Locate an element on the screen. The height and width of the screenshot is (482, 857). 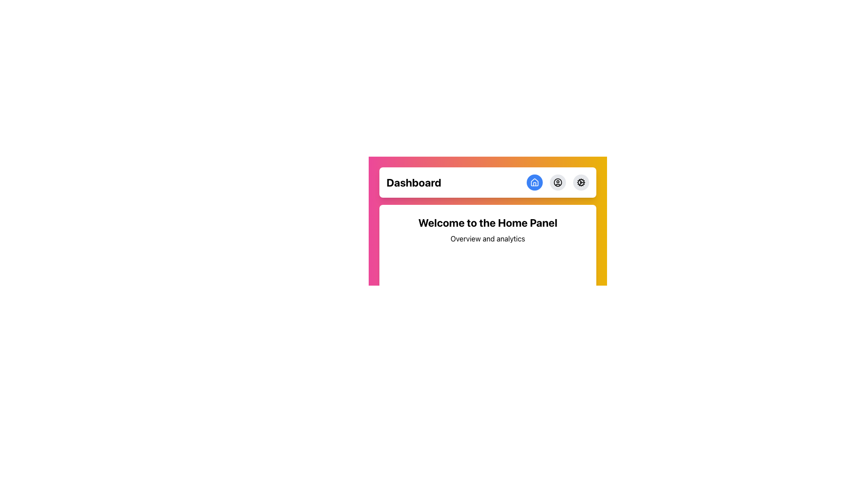
text from the centered text block containing 'Welcome to the Home Panel' and 'Overview and analytics' is located at coordinates (487, 229).